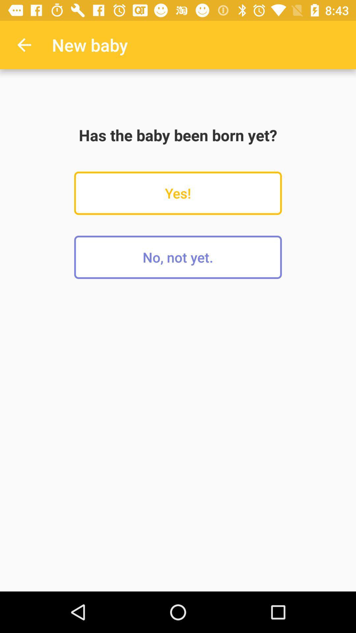  Describe the element at coordinates (24, 45) in the screenshot. I see `the icon next to the new baby icon` at that location.